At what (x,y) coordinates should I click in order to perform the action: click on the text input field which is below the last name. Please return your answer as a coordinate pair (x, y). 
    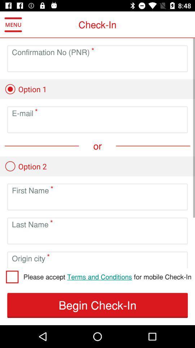
    Looking at the image, I should click on (97, 236).